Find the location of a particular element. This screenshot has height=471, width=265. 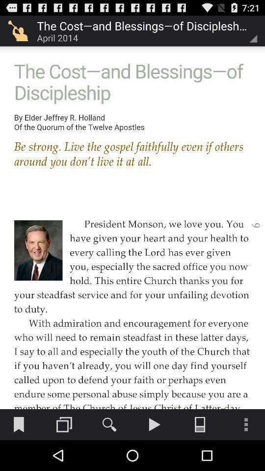

whole article is located at coordinates (132, 204).